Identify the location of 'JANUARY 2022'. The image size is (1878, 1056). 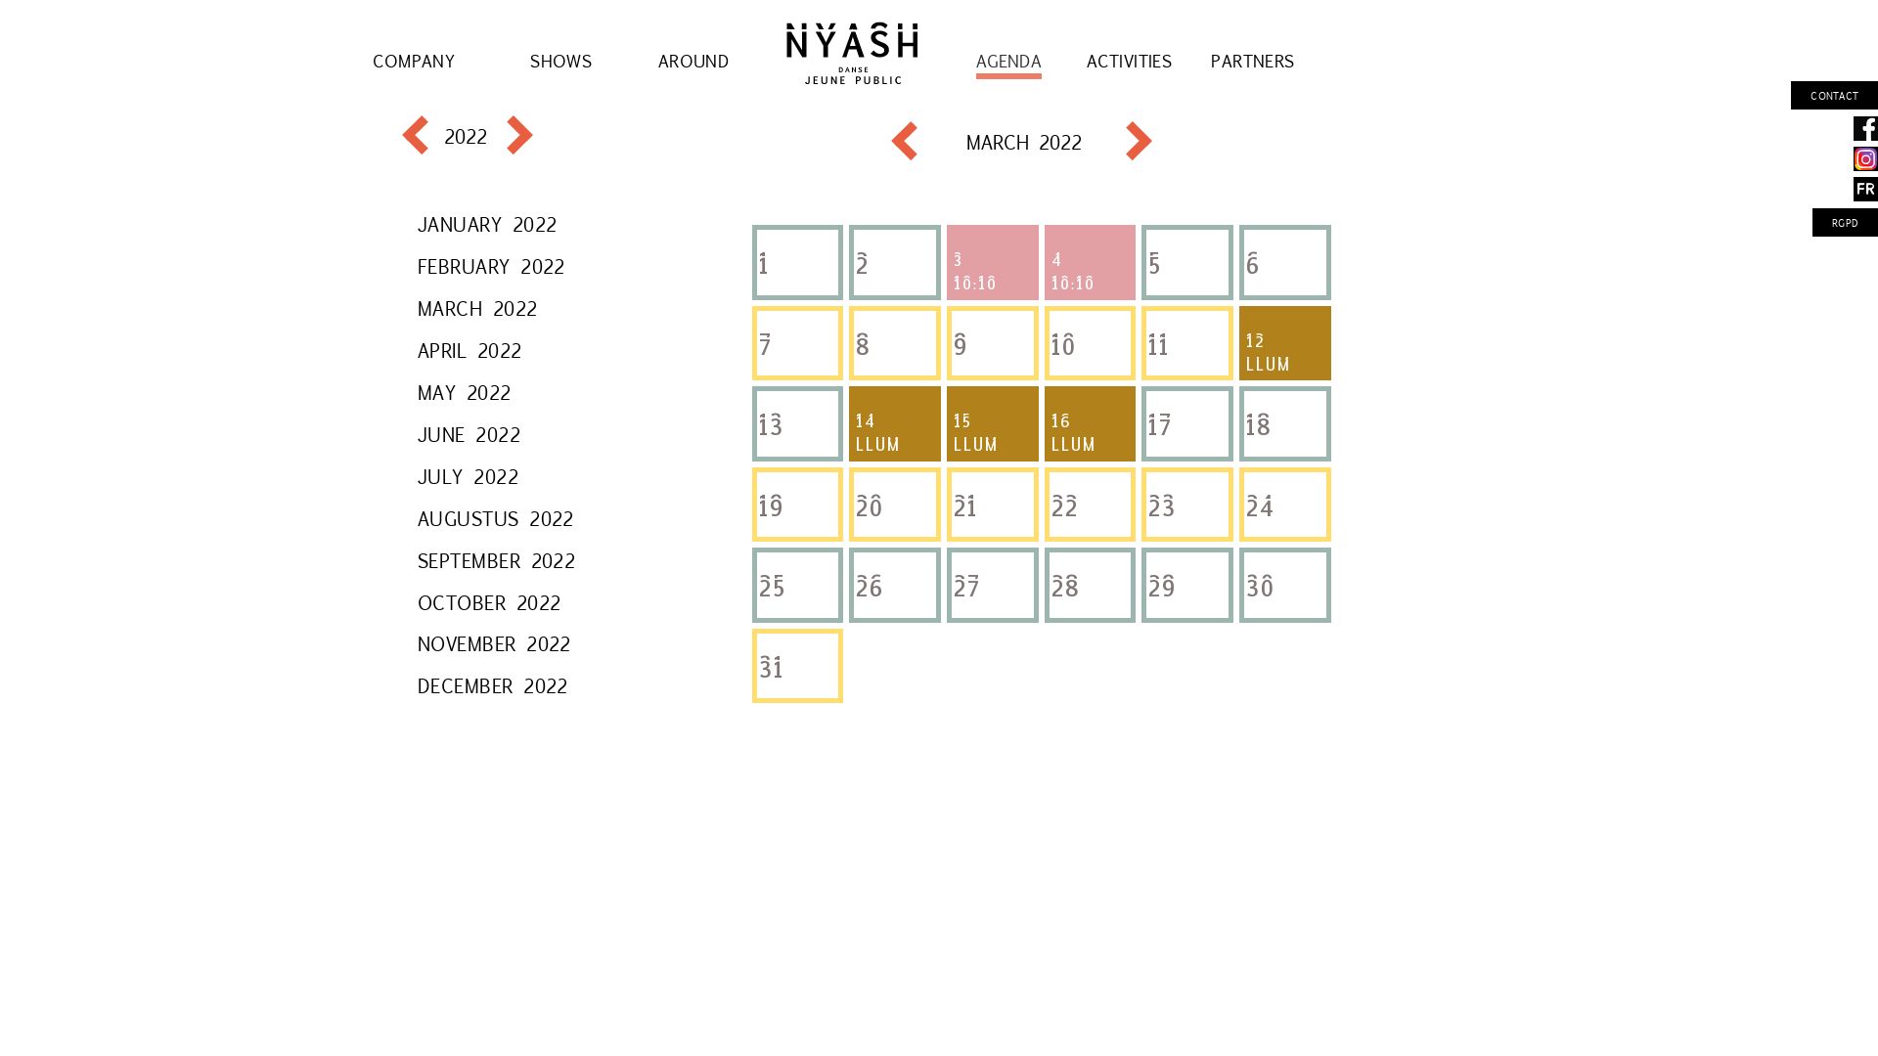
(487, 222).